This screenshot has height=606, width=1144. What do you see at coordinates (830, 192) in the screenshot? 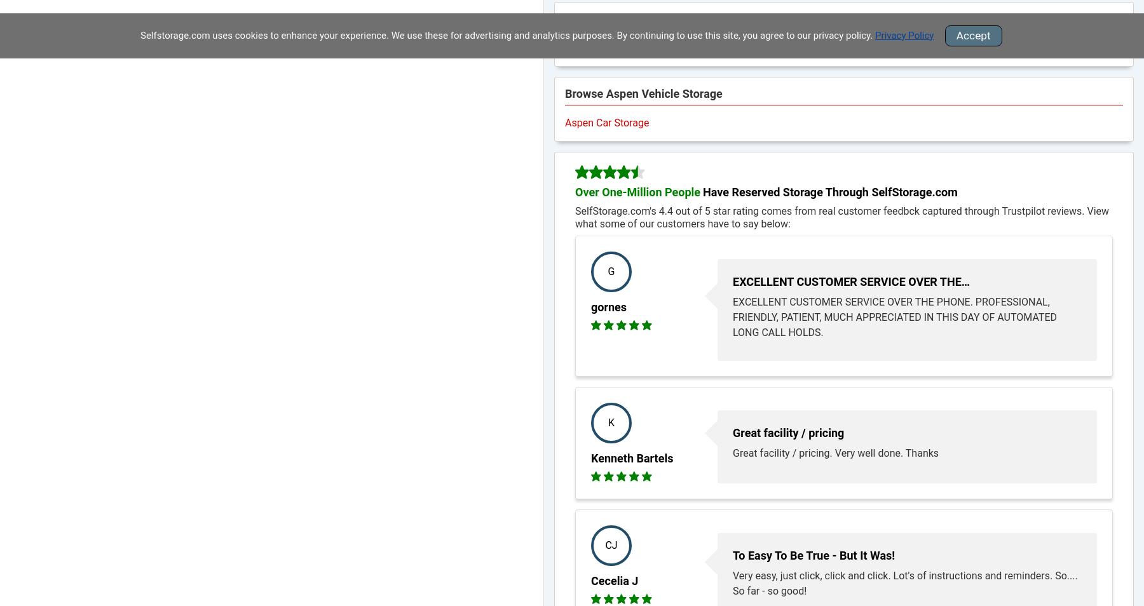
I see `'Have Reserved Storage Through SelfStorage.com'` at bounding box center [830, 192].